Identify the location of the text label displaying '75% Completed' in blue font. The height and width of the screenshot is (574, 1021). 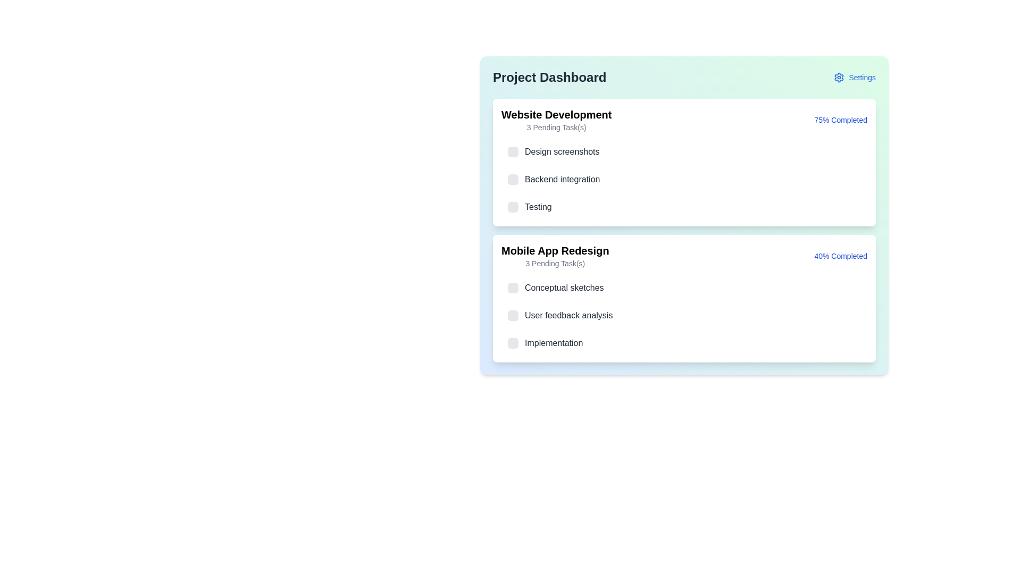
(840, 120).